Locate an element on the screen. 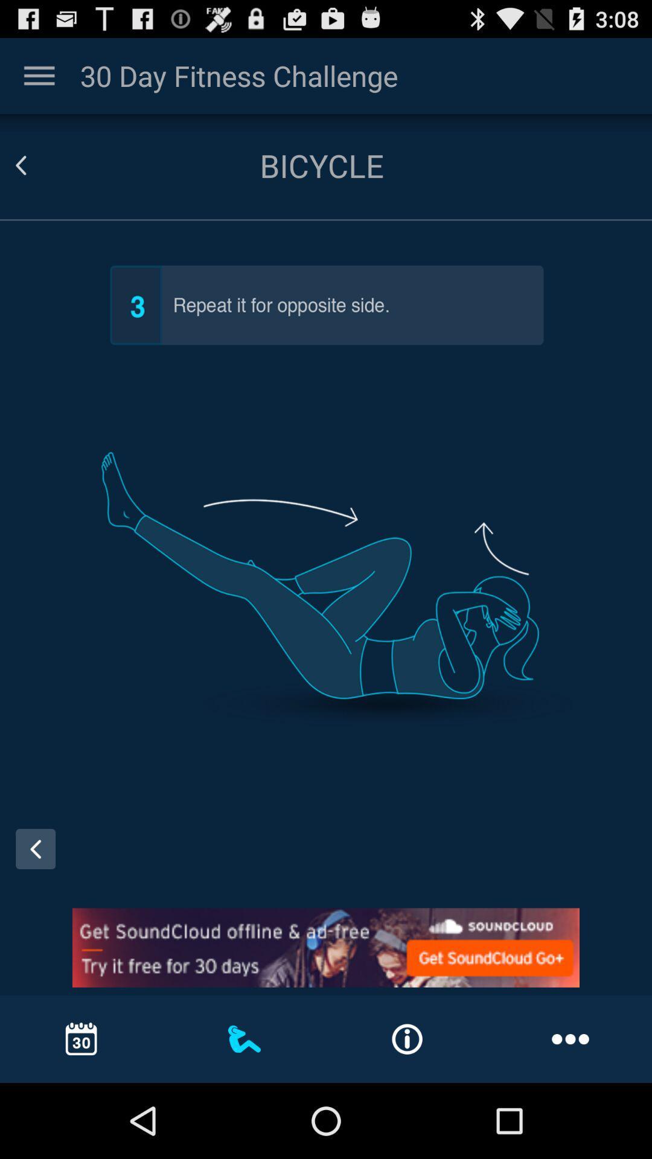  the information option at the bottom is located at coordinates (407, 1039).